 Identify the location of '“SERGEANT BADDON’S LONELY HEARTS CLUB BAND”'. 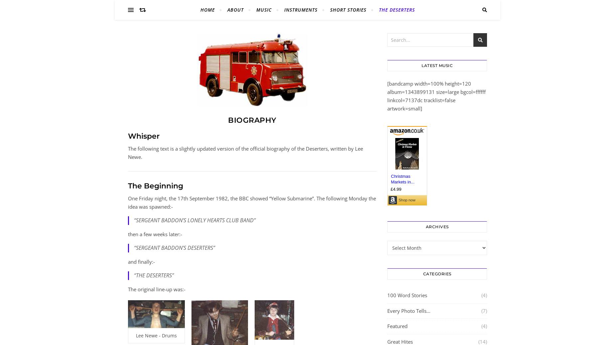
(195, 220).